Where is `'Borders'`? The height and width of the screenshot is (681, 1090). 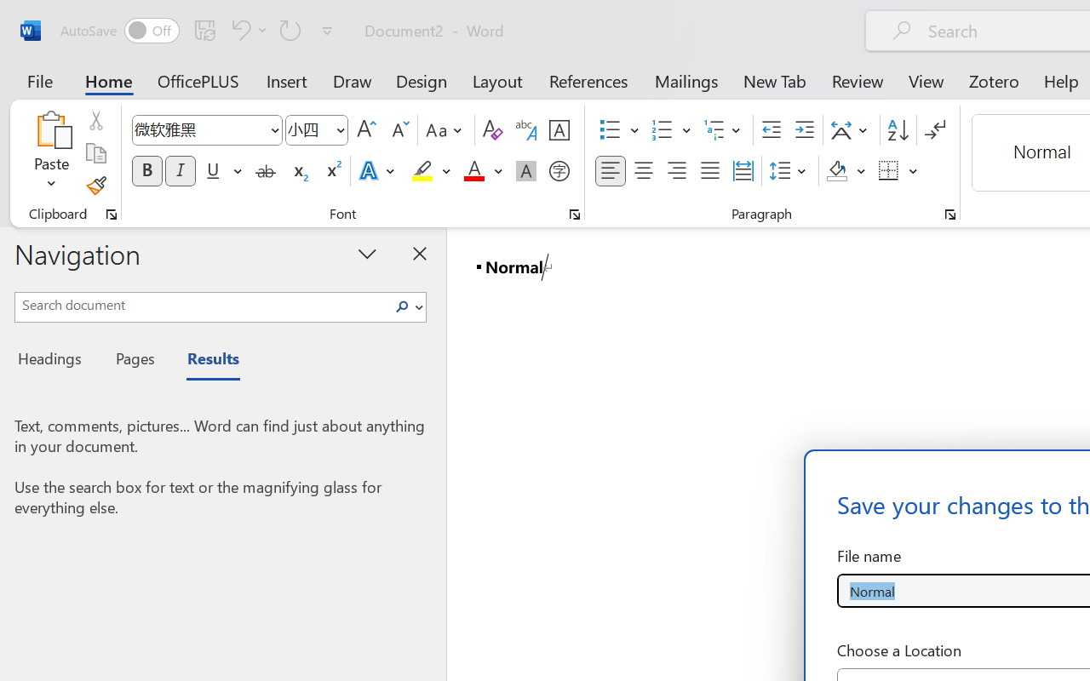 'Borders' is located at coordinates (898, 171).